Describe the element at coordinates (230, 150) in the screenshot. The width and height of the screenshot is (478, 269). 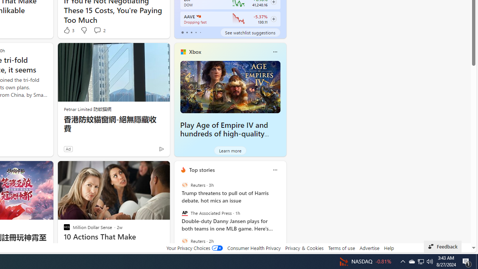
I see `'Learn more'` at that location.